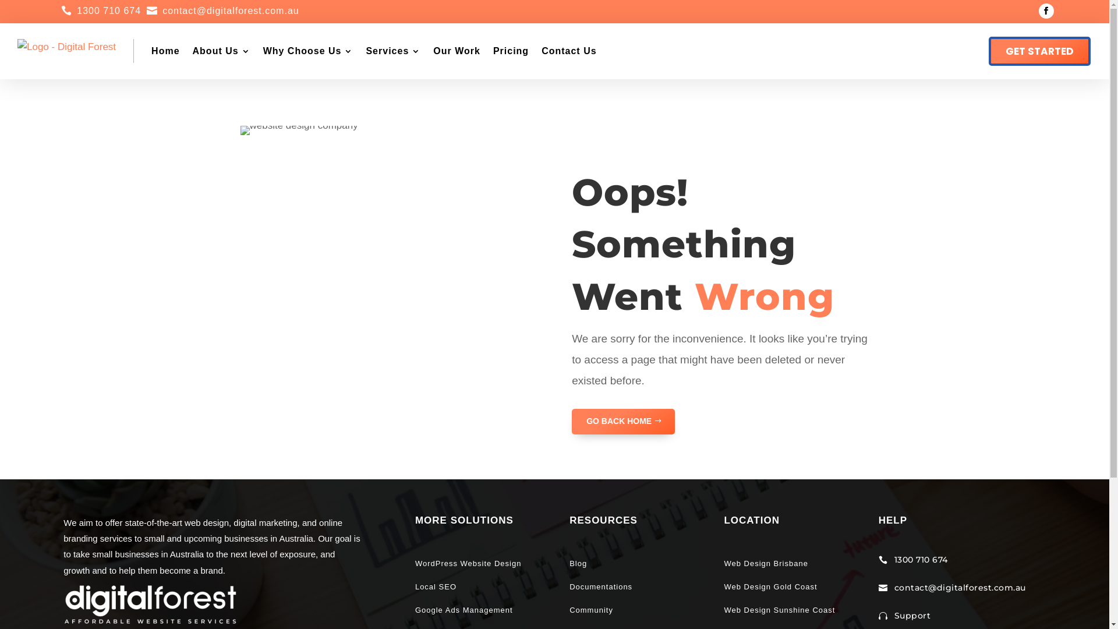 The width and height of the screenshot is (1118, 629). Describe the element at coordinates (415, 586) in the screenshot. I see `'Local SEO'` at that location.